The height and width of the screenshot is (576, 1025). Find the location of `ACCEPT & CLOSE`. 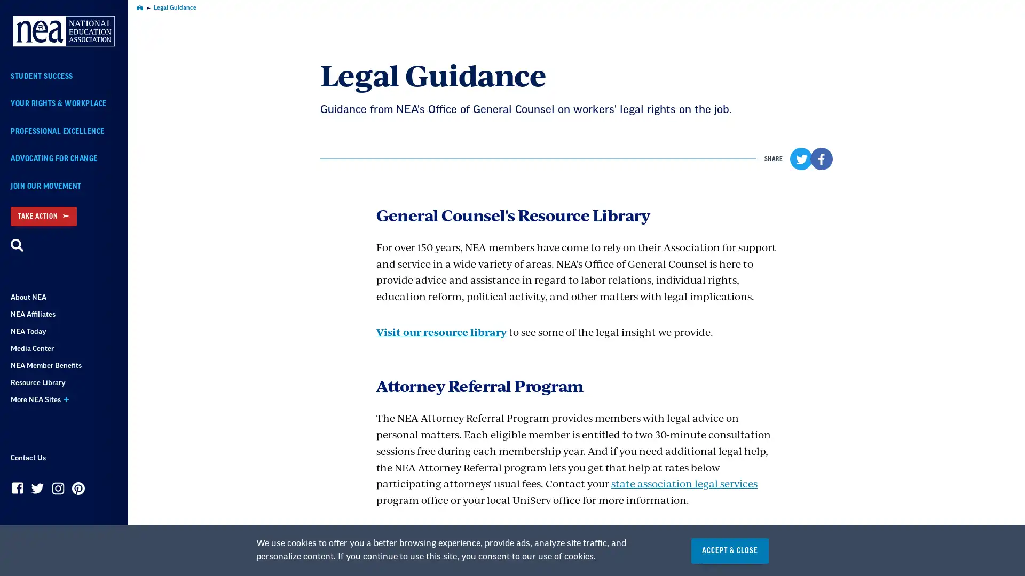

ACCEPT & CLOSE is located at coordinates (729, 550).